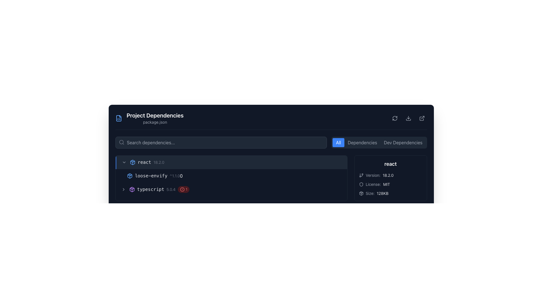 The width and height of the screenshot is (542, 305). Describe the element at coordinates (132, 162) in the screenshot. I see `the polygonal shaped icon styled with blue lines, which is the first icon in the list item labeled 'react' in the Project Dependencies panel` at that location.